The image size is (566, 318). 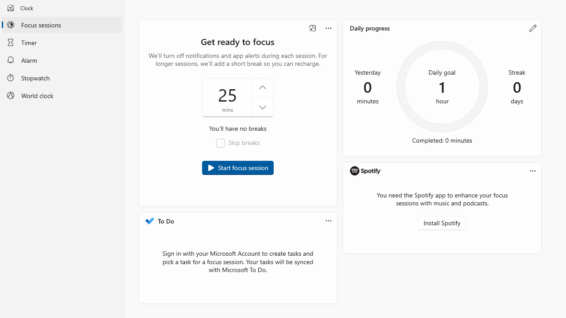 I want to click on 'World clock', so click(x=61, y=95).